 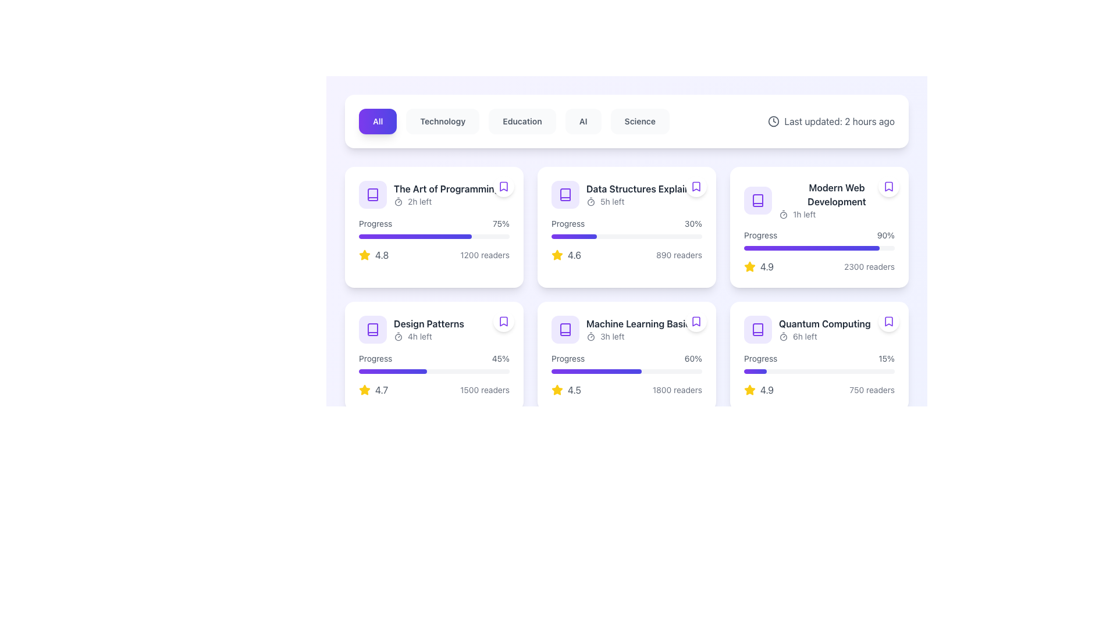 I want to click on the bookmark toggle button located at the top-right corner of the 'Data Structures Explained' card, so click(x=696, y=185).